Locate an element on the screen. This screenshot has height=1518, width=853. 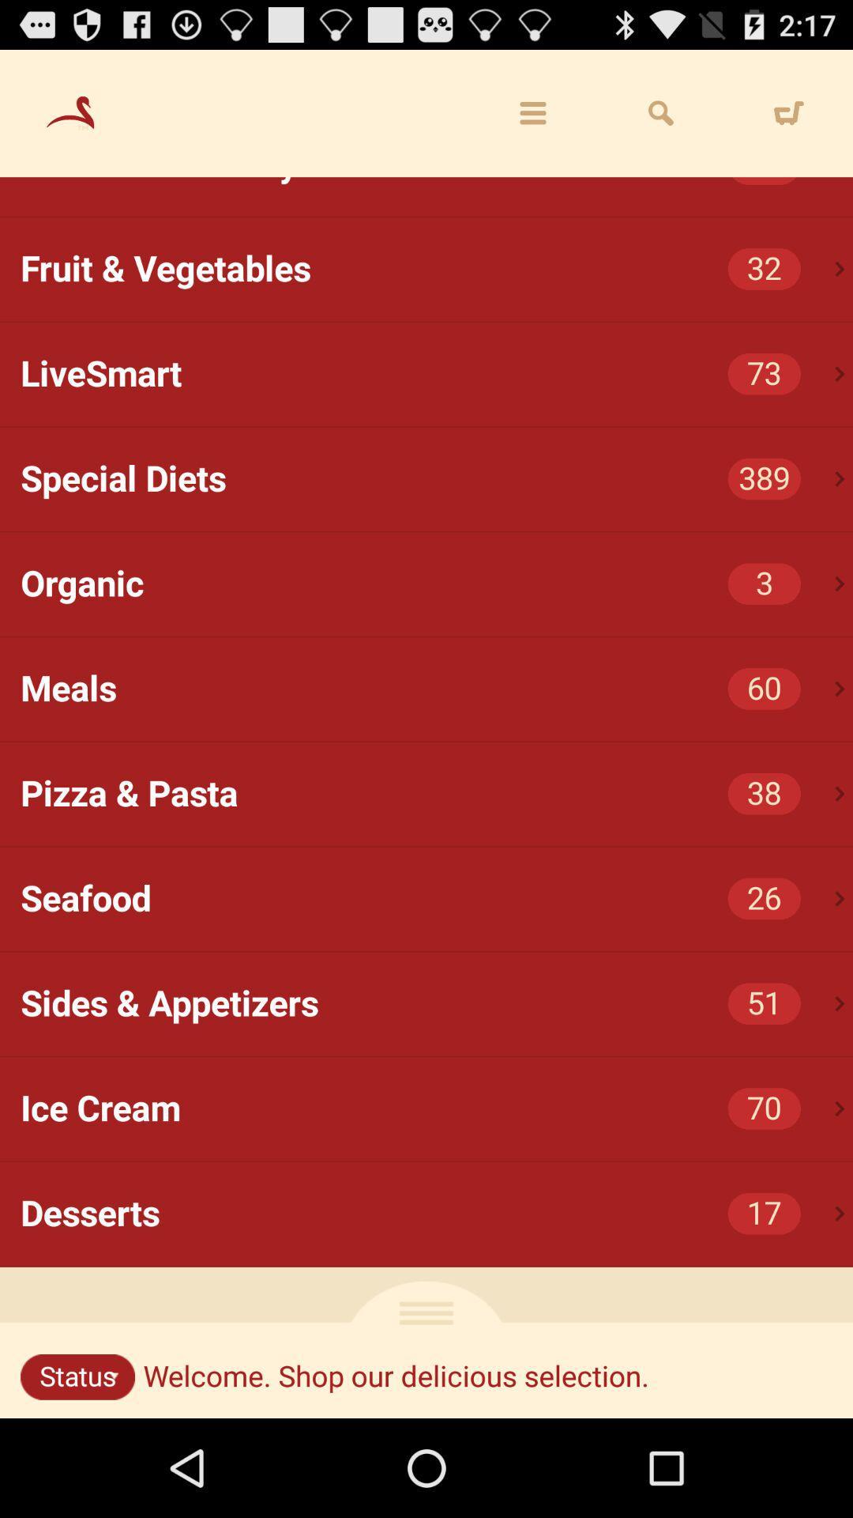
the icon below the pizza & pasta icon is located at coordinates (839, 899).